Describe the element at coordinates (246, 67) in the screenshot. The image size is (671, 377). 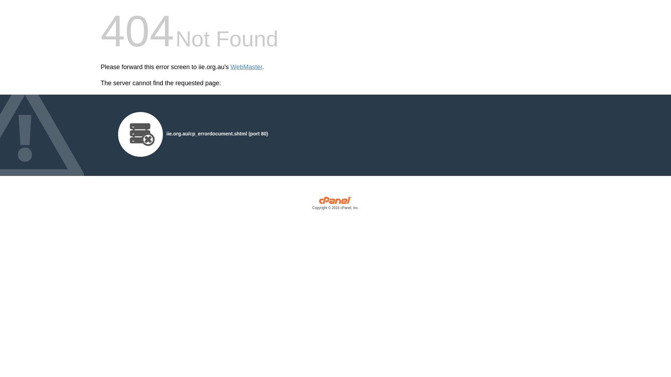
I see `'WebMaster'` at that location.